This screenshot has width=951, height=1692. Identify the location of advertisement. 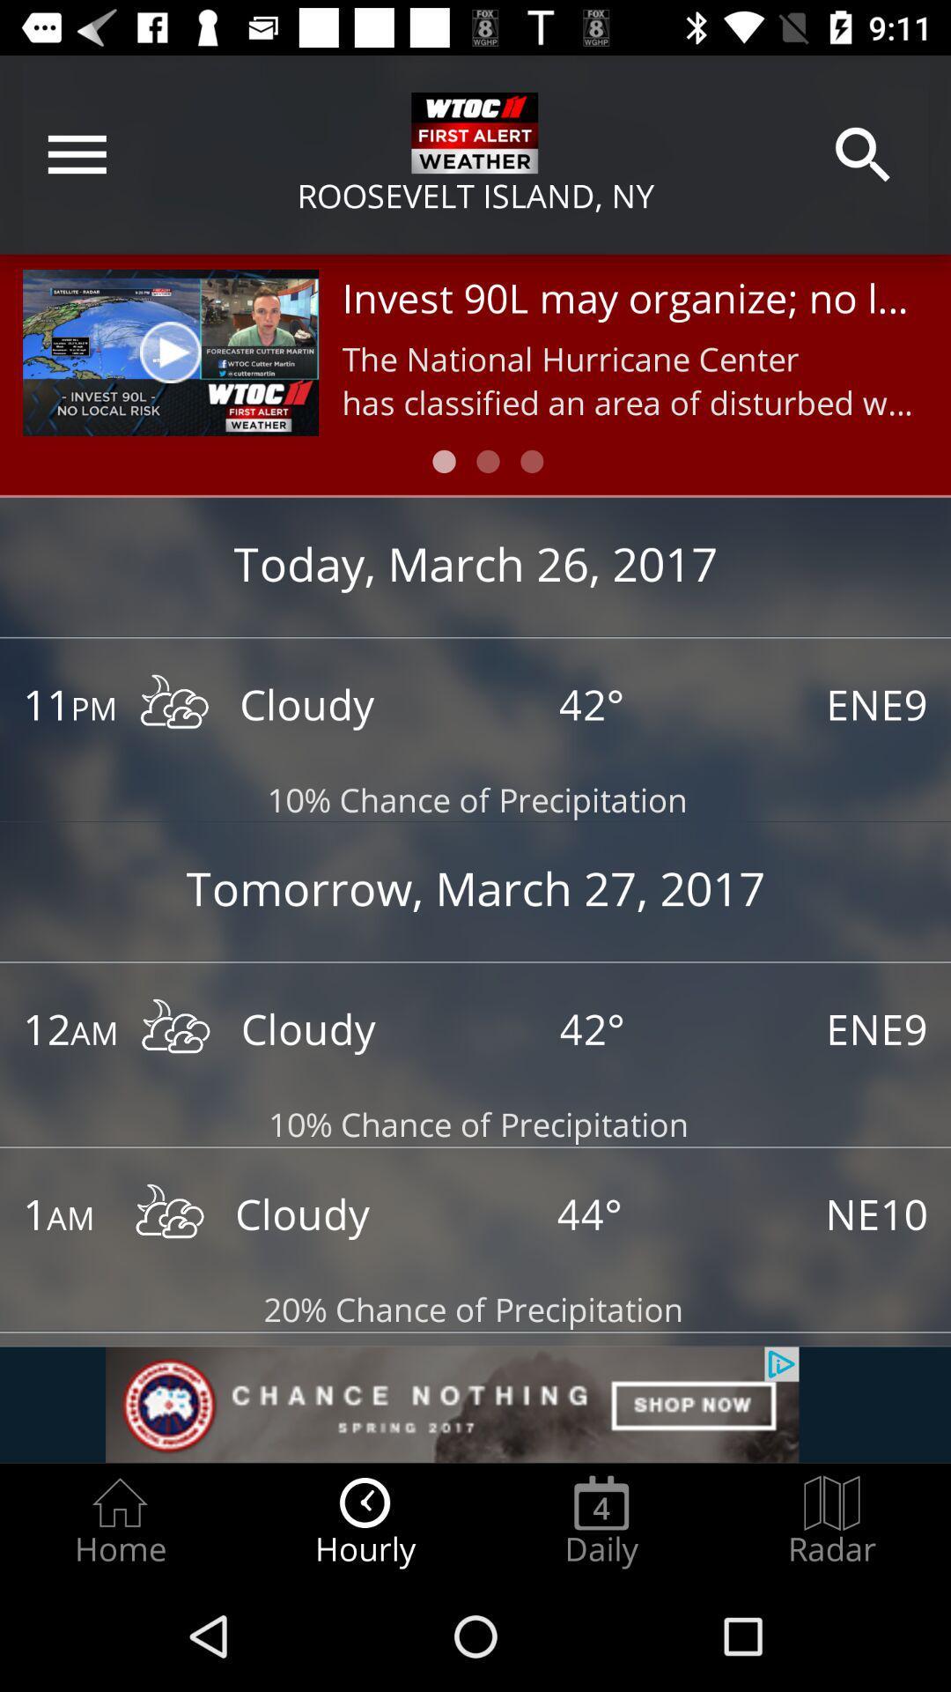
(475, 1404).